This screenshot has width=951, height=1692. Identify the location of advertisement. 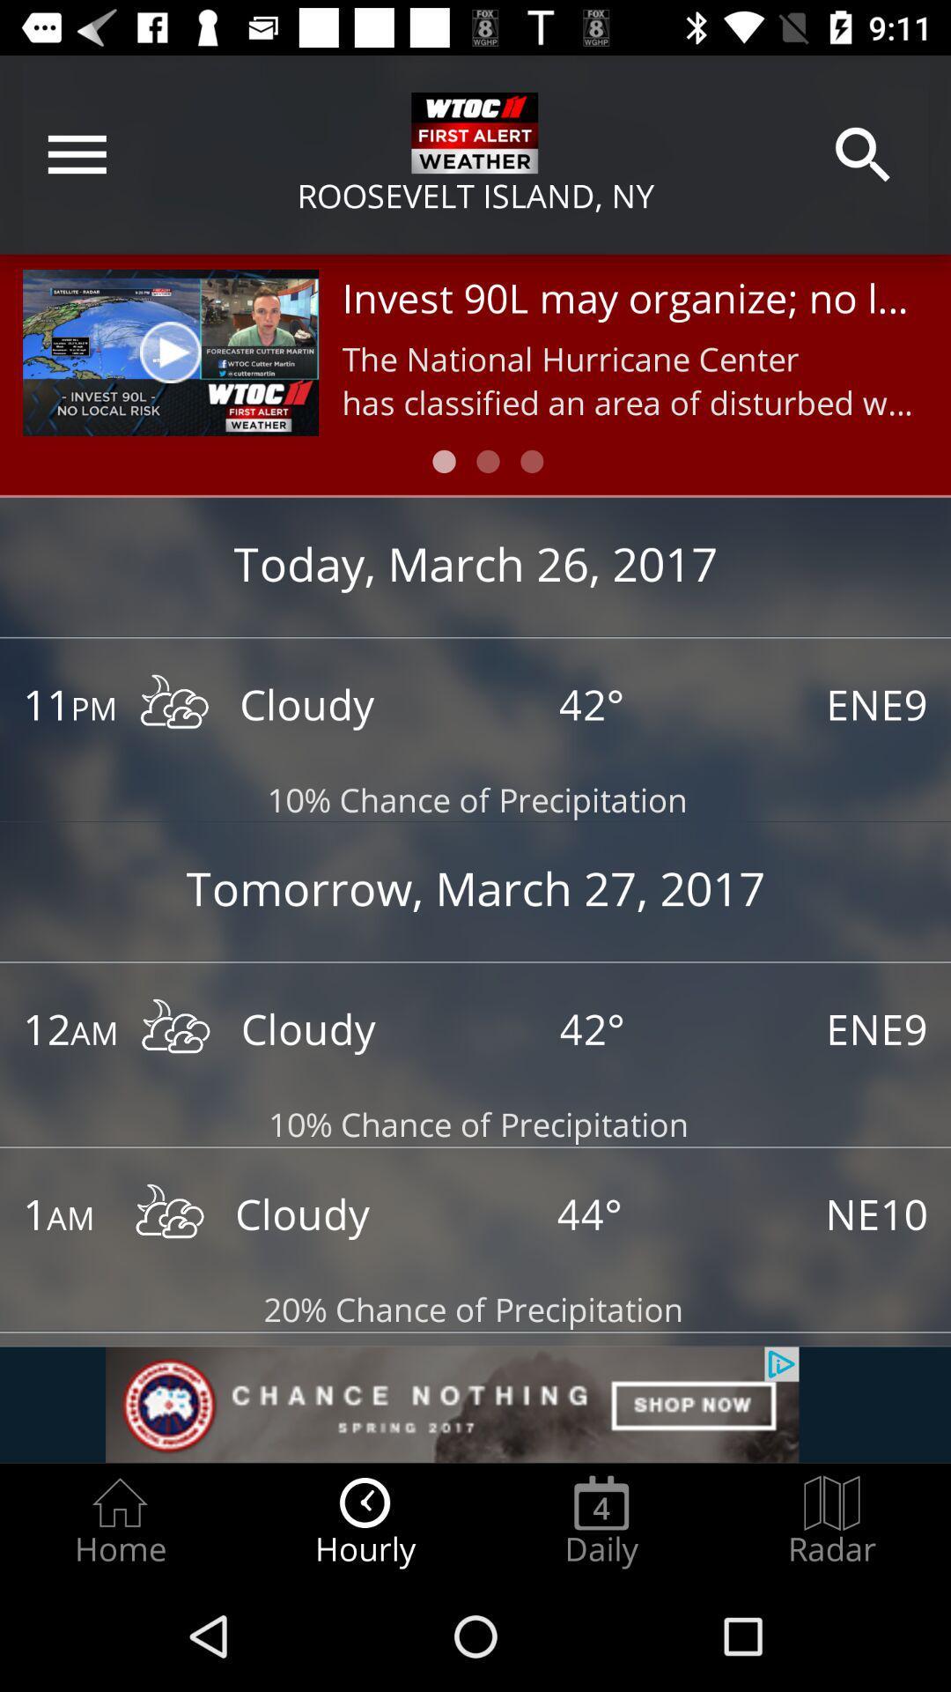
(475, 1404).